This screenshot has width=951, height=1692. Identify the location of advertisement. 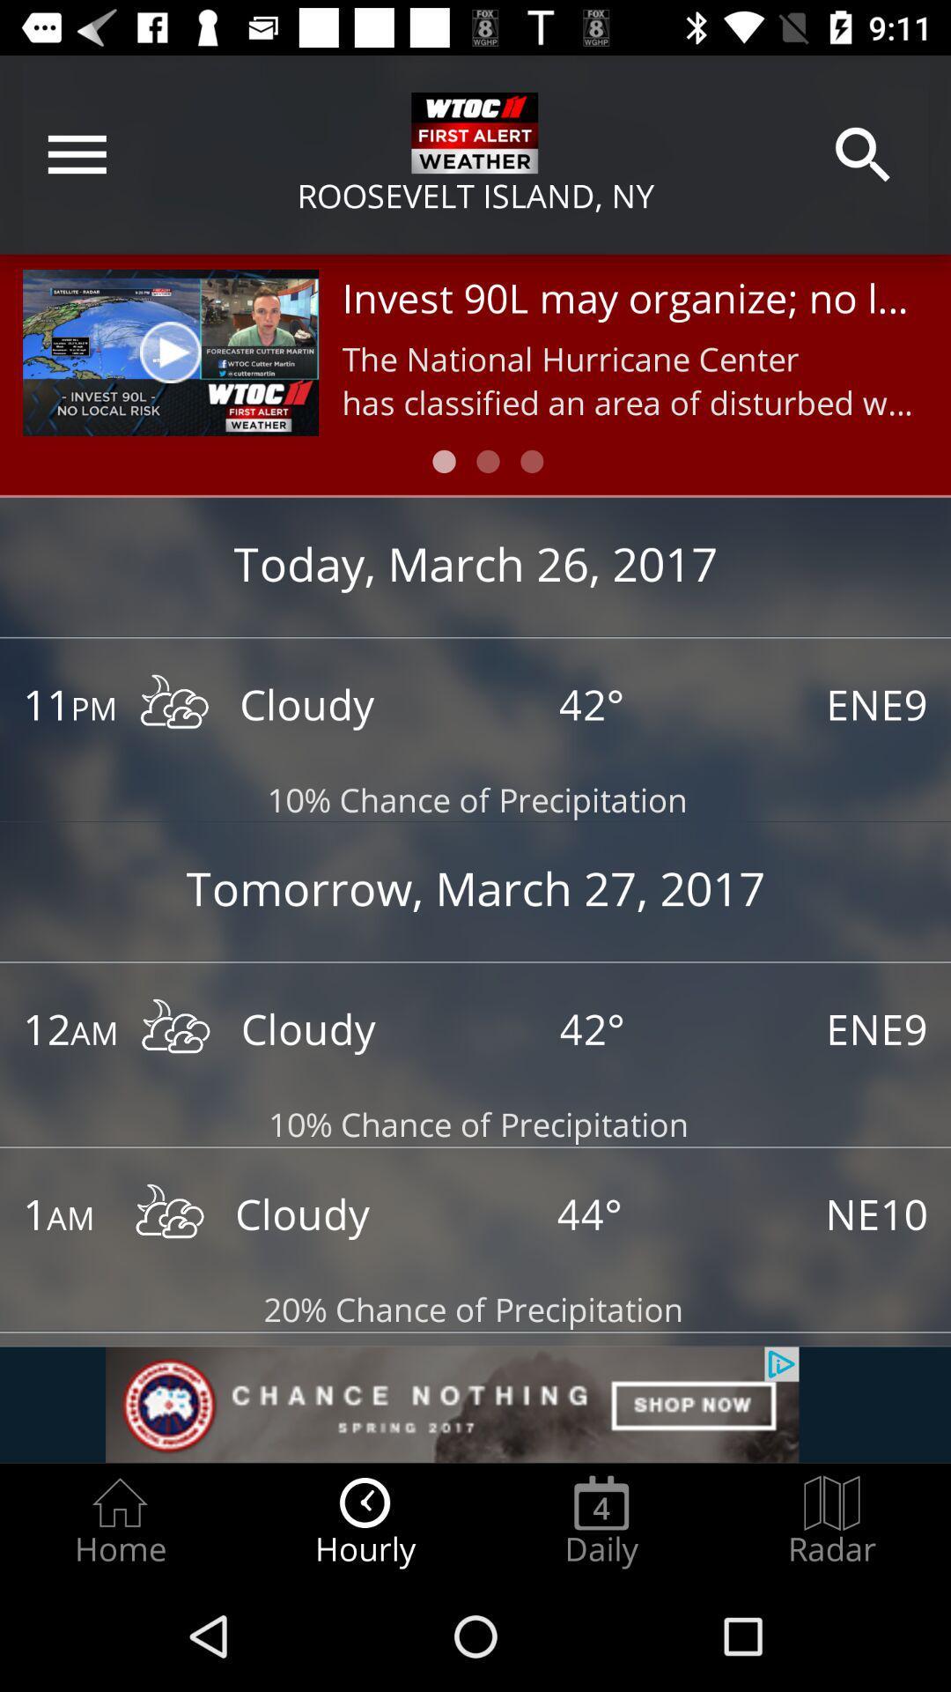
(475, 1404).